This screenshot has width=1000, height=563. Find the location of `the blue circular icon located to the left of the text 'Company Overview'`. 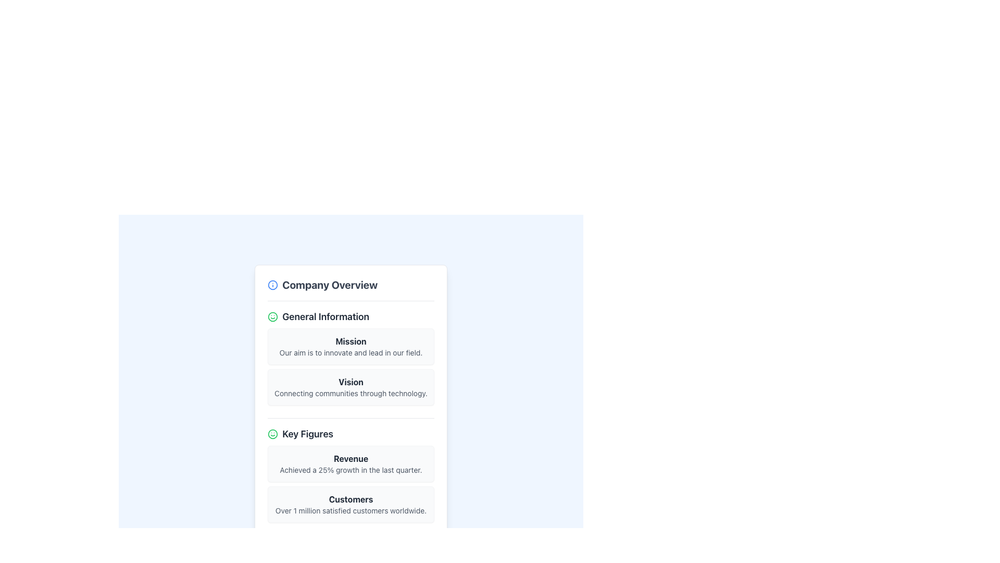

the blue circular icon located to the left of the text 'Company Overview' is located at coordinates (273, 285).